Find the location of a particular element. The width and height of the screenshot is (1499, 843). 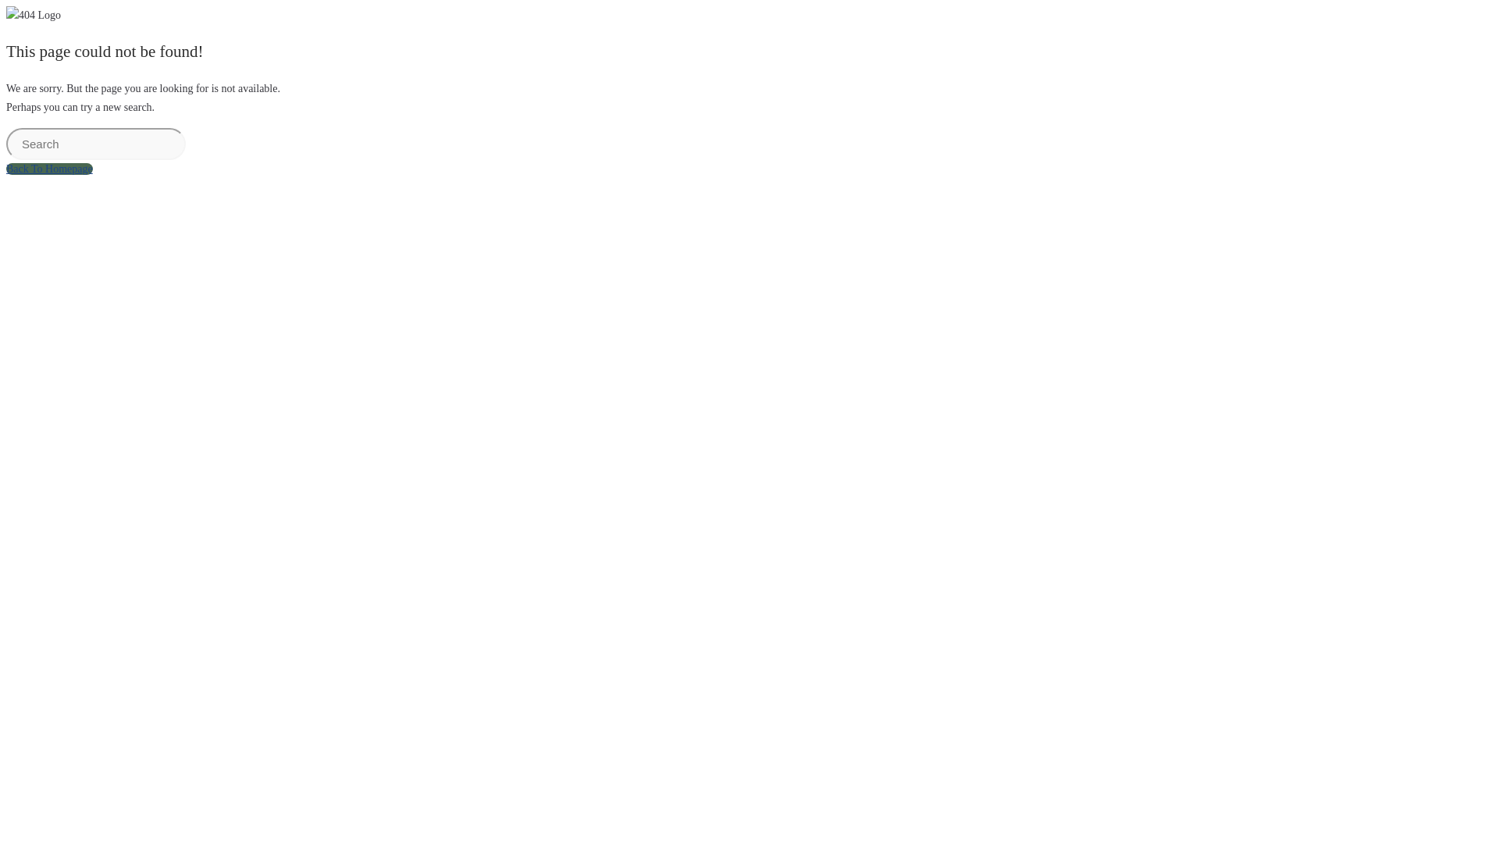

'Back To Homepage' is located at coordinates (49, 169).